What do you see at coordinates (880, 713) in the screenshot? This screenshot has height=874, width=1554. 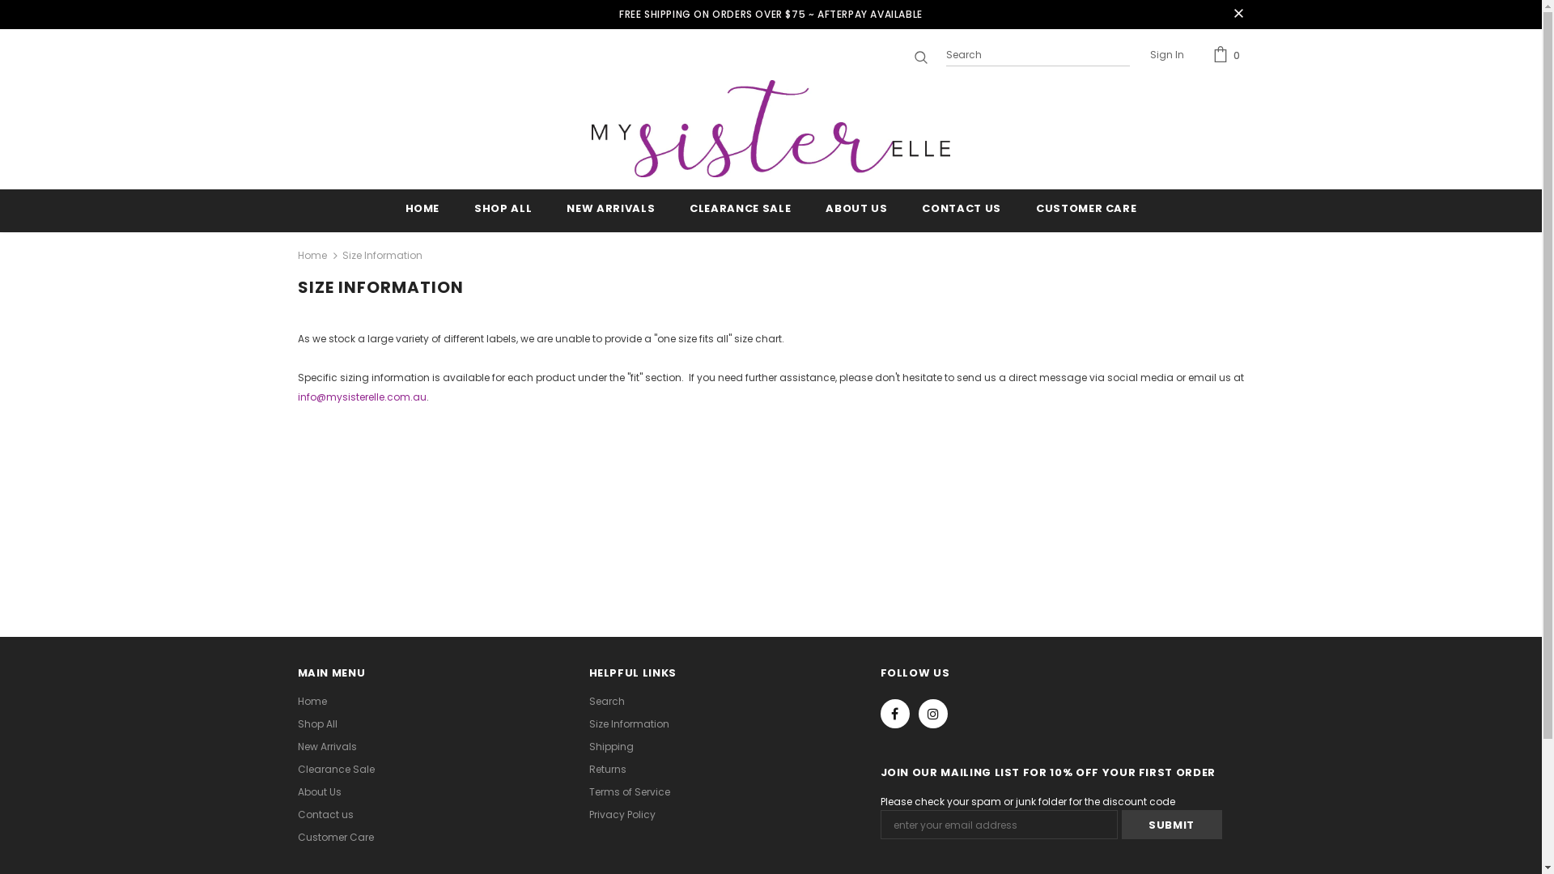 I see `'Facebook'` at bounding box center [880, 713].